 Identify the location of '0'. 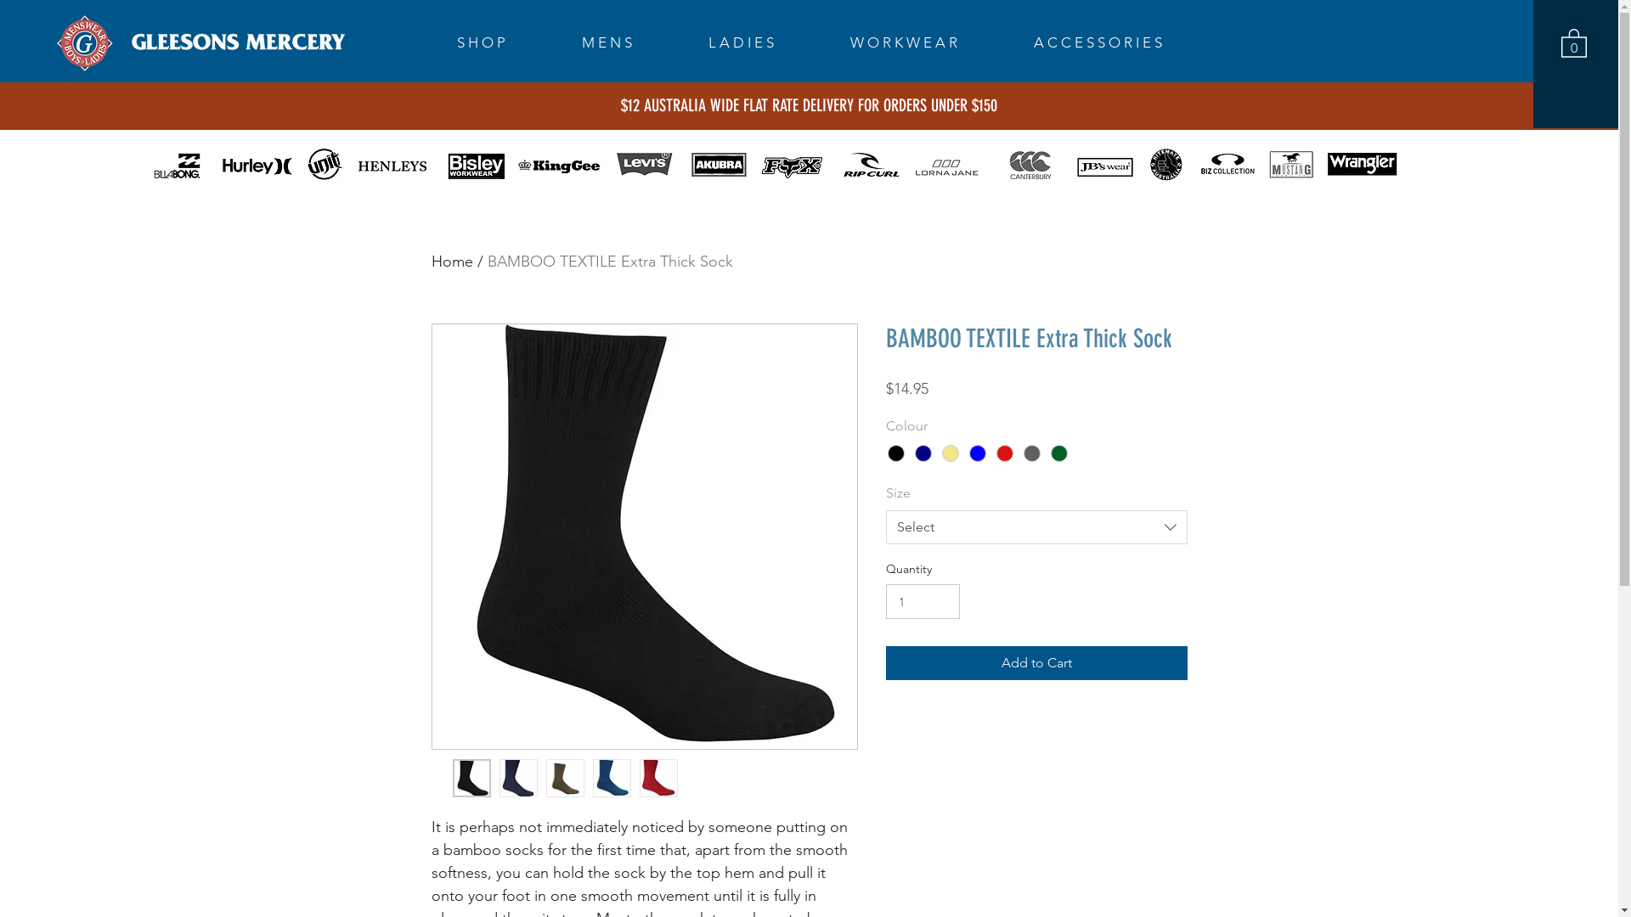
(1572, 42).